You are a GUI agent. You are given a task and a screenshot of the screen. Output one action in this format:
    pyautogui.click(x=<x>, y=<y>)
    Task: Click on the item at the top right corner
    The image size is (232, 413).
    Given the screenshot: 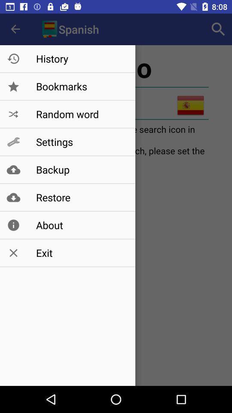 What is the action you would take?
    pyautogui.click(x=218, y=29)
    